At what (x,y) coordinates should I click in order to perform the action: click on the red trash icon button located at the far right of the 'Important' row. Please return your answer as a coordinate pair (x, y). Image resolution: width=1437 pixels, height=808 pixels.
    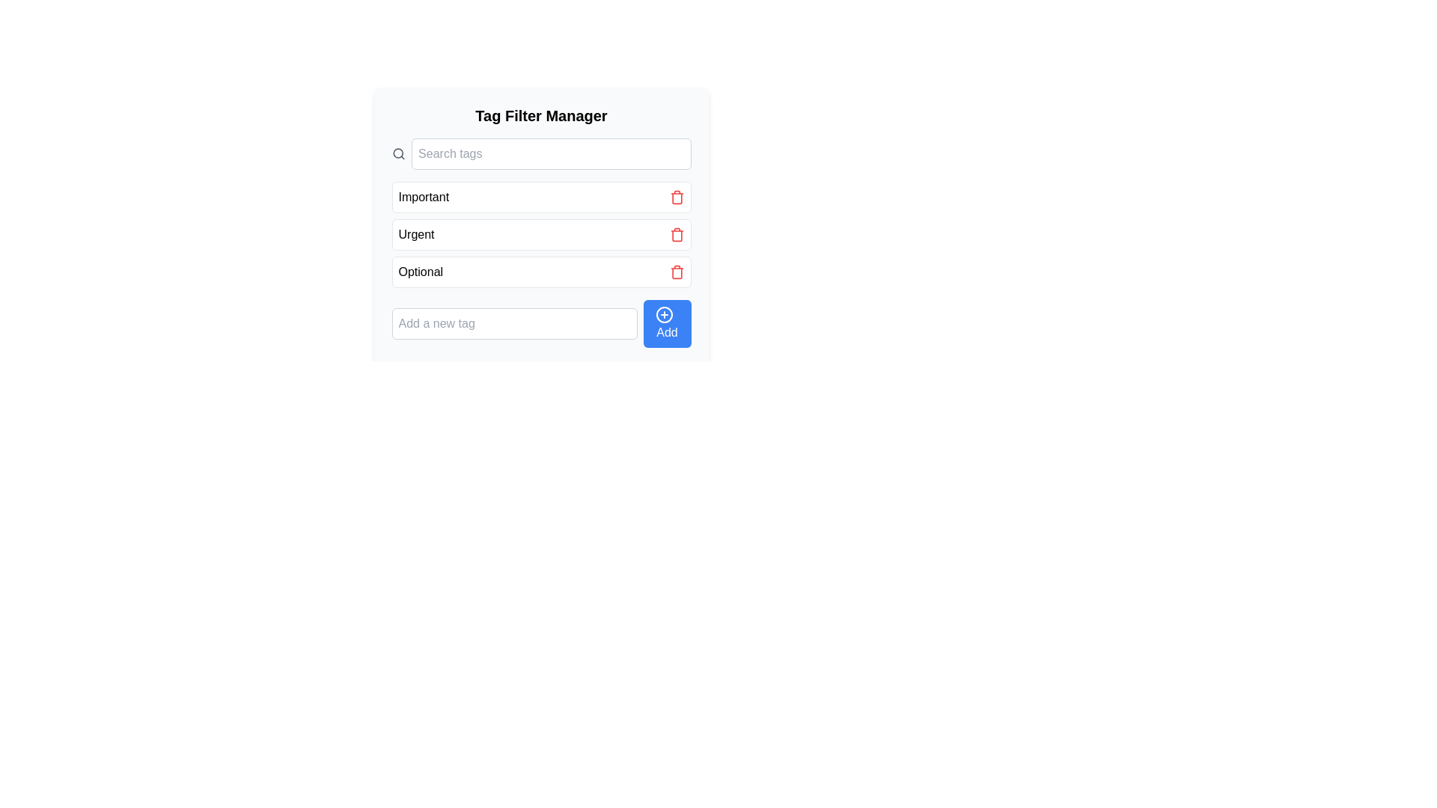
    Looking at the image, I should click on (676, 196).